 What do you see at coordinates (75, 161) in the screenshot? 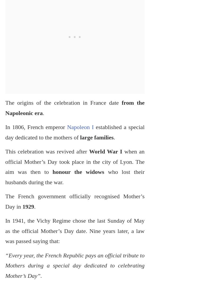
I see `'when an official Mother’s Day took place in the city of Lyon. The aim was then to'` at bounding box center [75, 161].